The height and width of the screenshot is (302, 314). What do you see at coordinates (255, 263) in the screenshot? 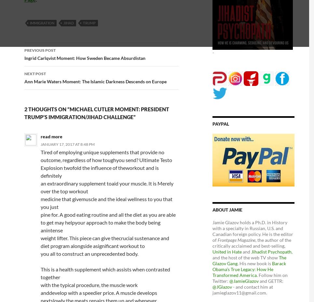
I see `'. His new book is'` at bounding box center [255, 263].